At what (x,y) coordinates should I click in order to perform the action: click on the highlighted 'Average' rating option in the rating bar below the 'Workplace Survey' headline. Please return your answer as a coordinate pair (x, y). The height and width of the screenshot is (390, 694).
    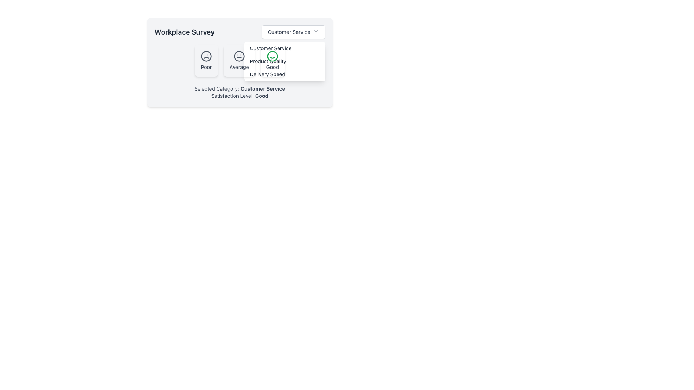
    Looking at the image, I should click on (240, 60).